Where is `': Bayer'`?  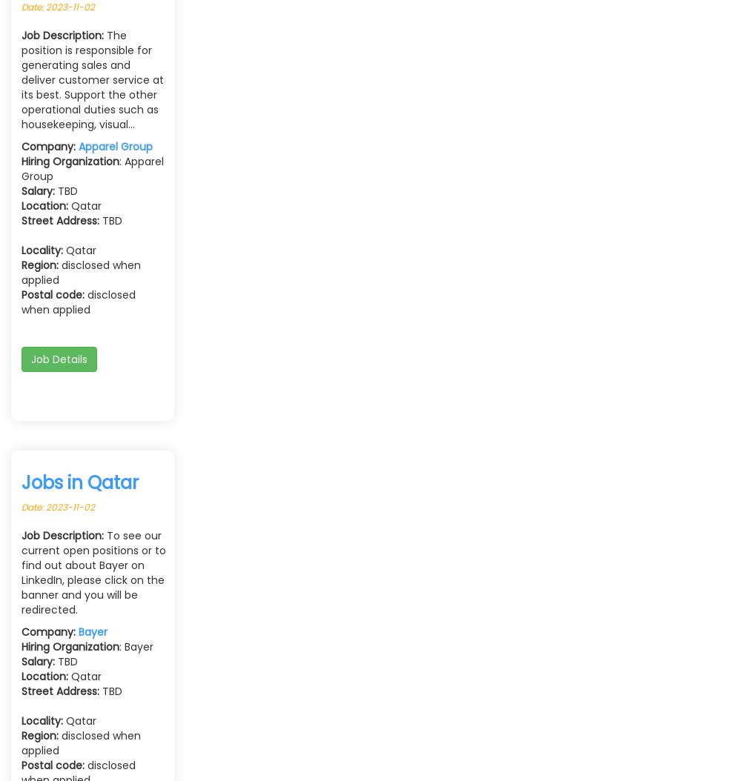
': Bayer' is located at coordinates (136, 645).